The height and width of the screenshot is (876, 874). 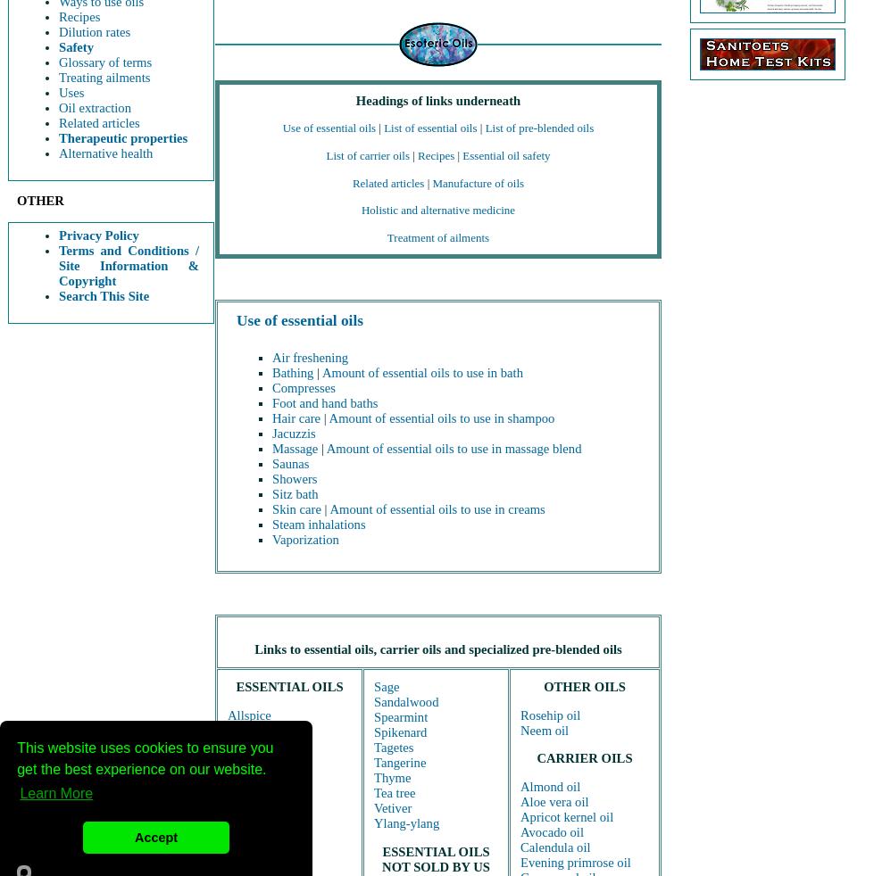 I want to click on 'Bay', so click(x=237, y=759).